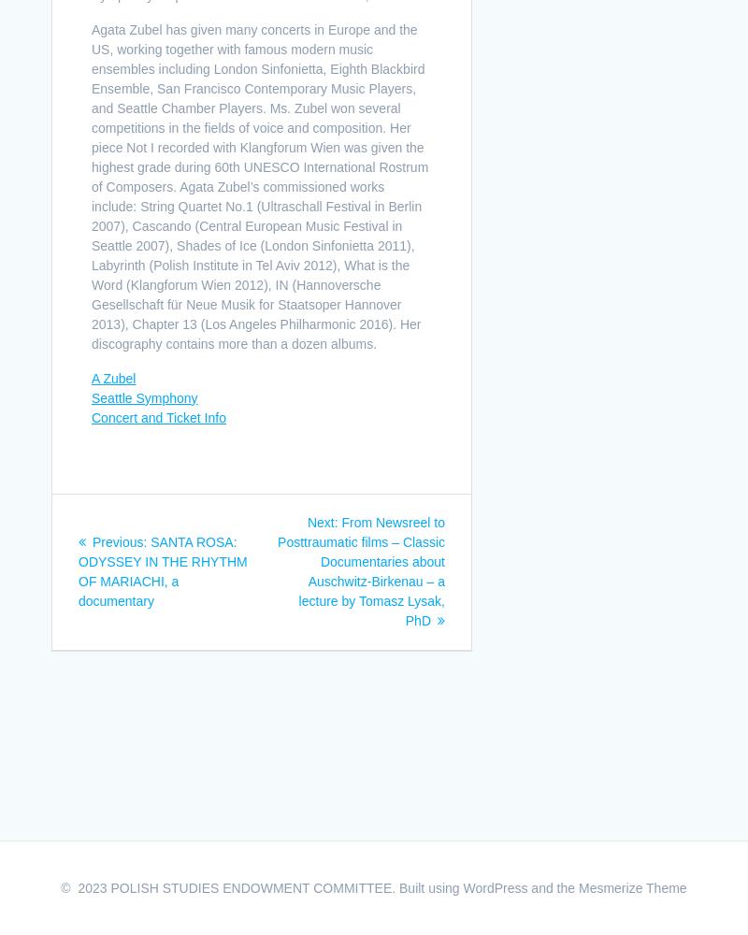 The width and height of the screenshot is (748, 935). Describe the element at coordinates (112, 378) in the screenshot. I see `'A Zubel'` at that location.